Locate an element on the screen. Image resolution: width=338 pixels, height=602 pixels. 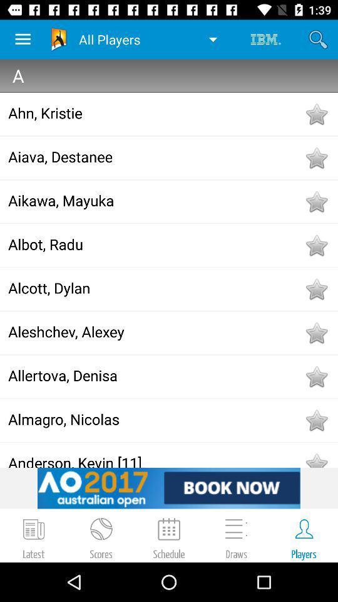
to favorites is located at coordinates (315, 201).